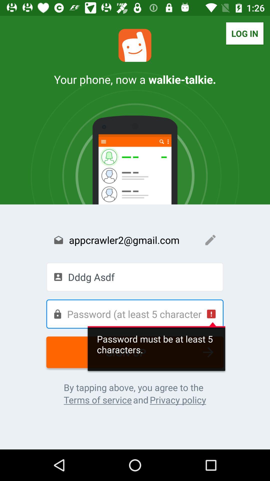  What do you see at coordinates (98, 400) in the screenshot?
I see `icon next to and item` at bounding box center [98, 400].